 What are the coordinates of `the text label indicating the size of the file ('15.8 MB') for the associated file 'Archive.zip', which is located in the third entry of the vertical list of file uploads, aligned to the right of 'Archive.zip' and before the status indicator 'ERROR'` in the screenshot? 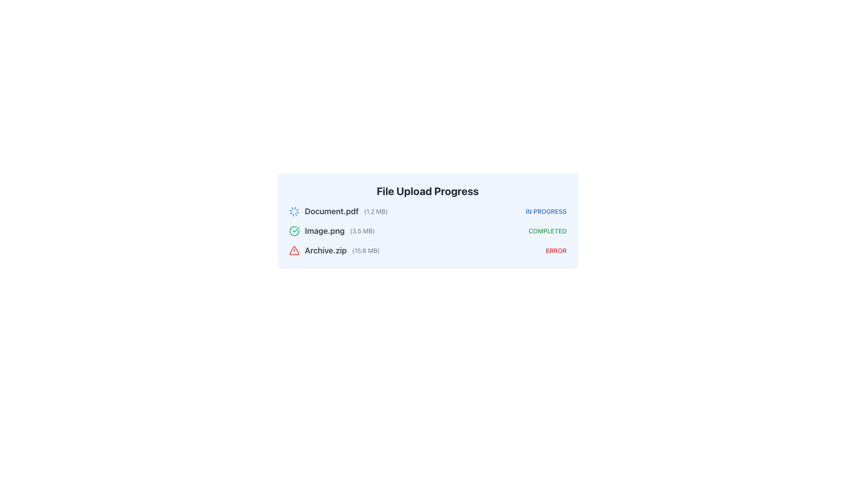 It's located at (366, 251).